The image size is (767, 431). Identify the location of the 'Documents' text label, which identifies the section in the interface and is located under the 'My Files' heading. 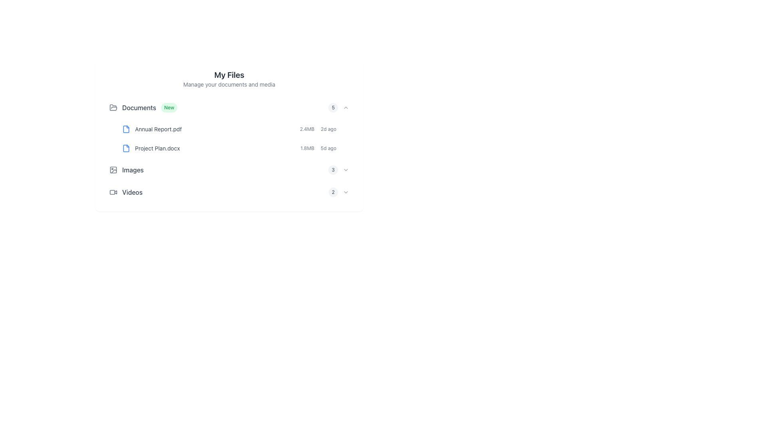
(139, 108).